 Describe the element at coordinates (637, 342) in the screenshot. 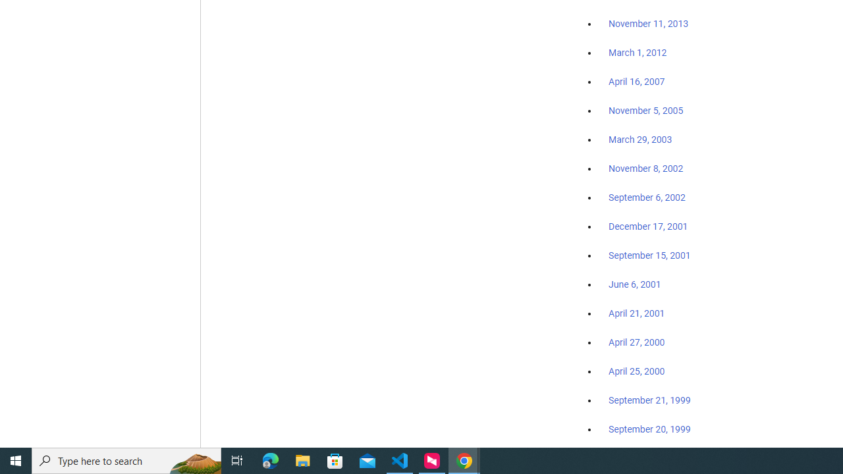

I see `'April 27, 2000'` at that location.